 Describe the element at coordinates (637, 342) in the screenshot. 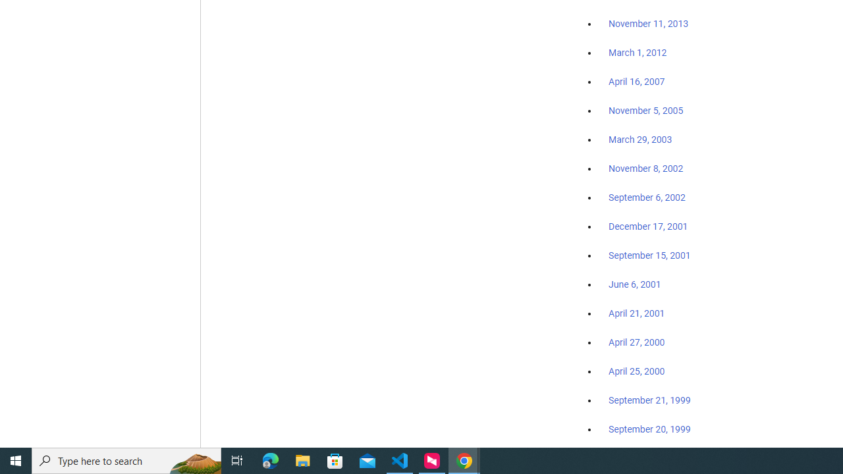

I see `'April 27, 2000'` at that location.